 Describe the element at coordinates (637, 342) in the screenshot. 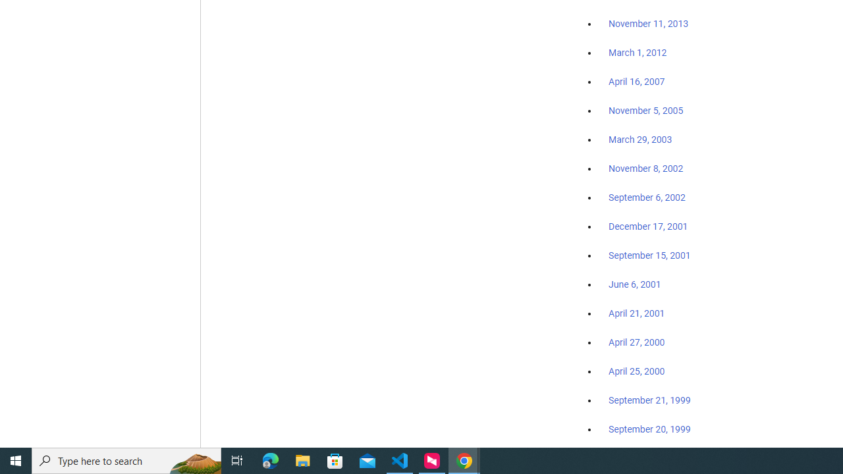

I see `'April 27, 2000'` at that location.